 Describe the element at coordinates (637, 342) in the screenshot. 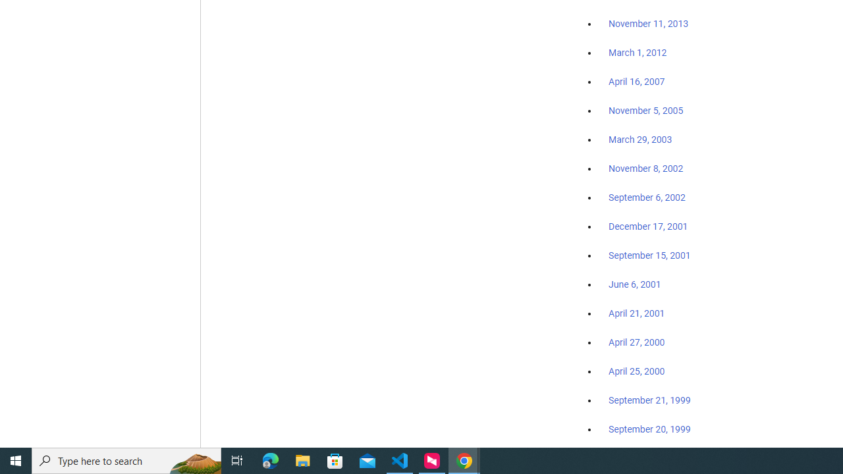

I see `'April 27, 2000'` at that location.